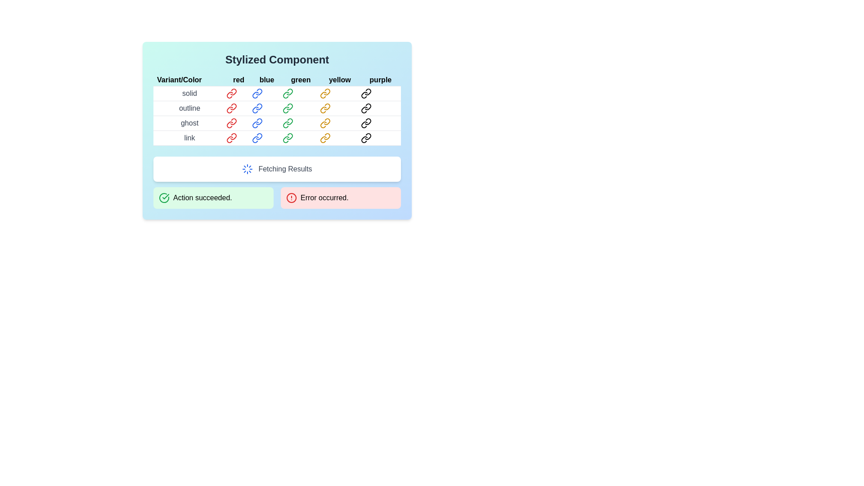 The width and height of the screenshot is (864, 486). I want to click on the Static Text Label displaying the word 'link' located in the ghost row under the 'Variant/Color' header, so click(189, 138).